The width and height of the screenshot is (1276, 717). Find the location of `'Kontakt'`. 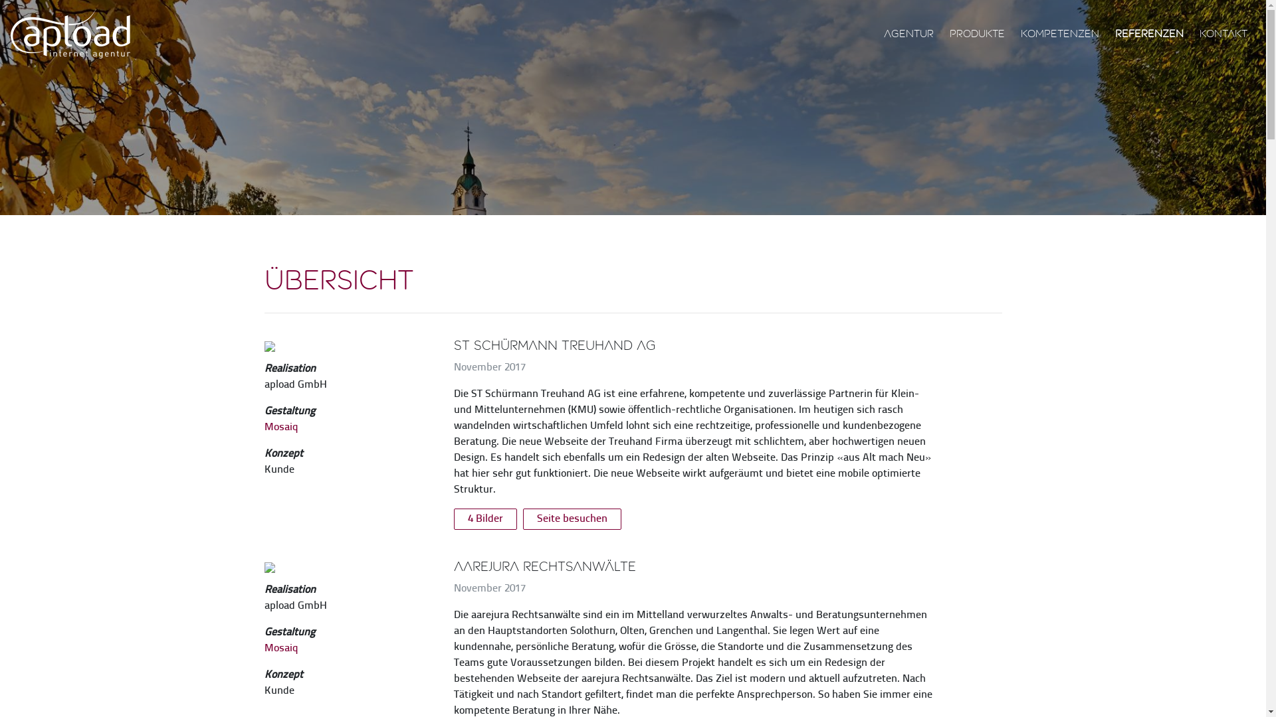

'Kontakt' is located at coordinates (1223, 33).